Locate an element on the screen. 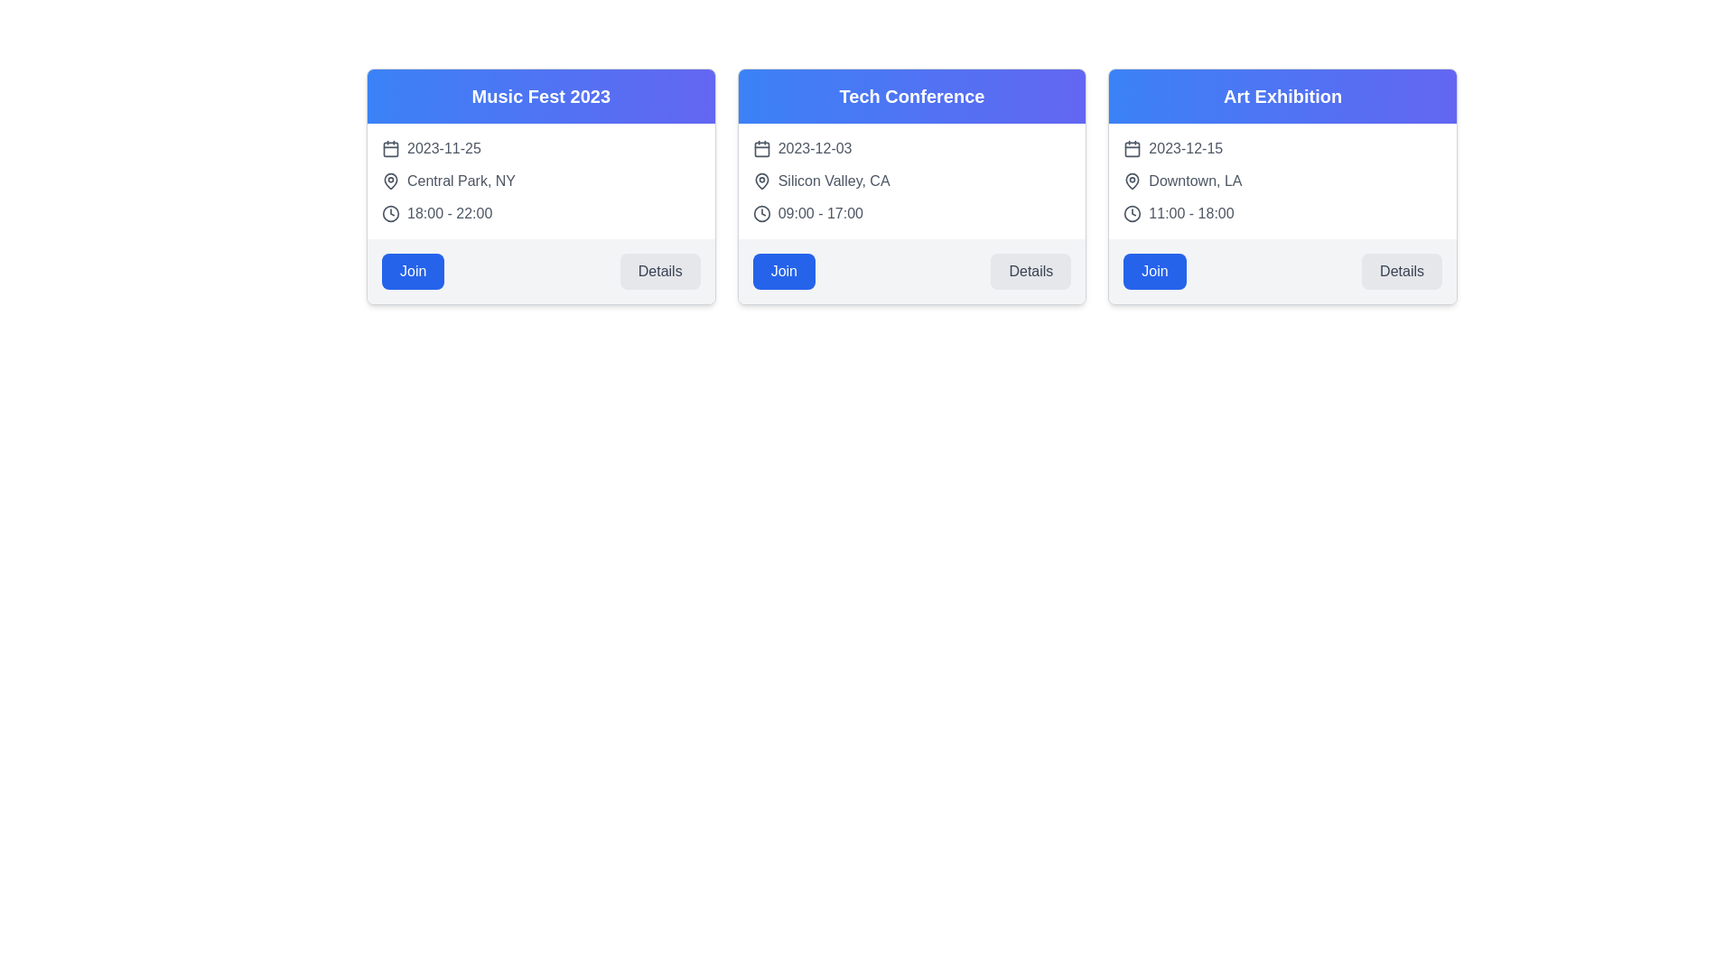 This screenshot has height=975, width=1734. the header text display of the card titled 'Art Exhibition' located at the top of the last card in a horizontal list of three cards is located at coordinates (1282, 97).